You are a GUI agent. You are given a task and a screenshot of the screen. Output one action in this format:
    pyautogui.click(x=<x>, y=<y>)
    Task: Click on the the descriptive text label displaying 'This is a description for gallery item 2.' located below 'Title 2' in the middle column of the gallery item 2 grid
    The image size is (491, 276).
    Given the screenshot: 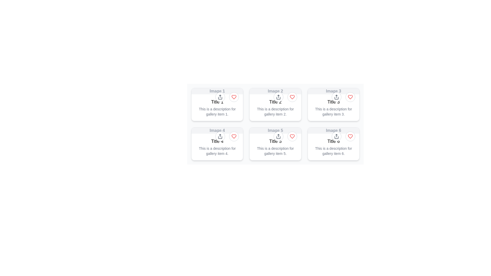 What is the action you would take?
    pyautogui.click(x=275, y=111)
    